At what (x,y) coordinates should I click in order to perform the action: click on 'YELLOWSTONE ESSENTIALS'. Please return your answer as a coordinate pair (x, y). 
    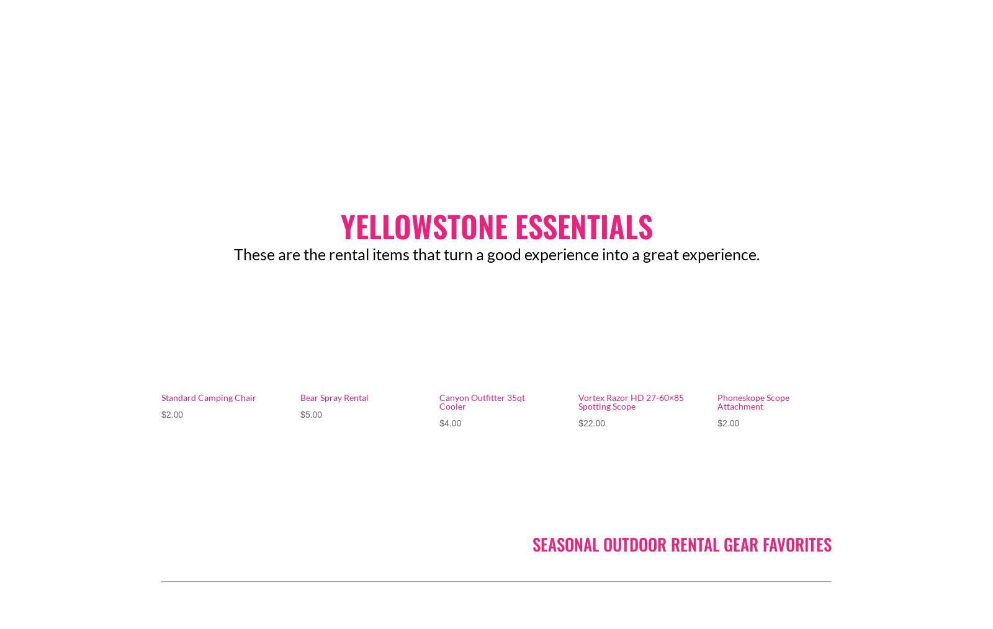
    Looking at the image, I should click on (496, 226).